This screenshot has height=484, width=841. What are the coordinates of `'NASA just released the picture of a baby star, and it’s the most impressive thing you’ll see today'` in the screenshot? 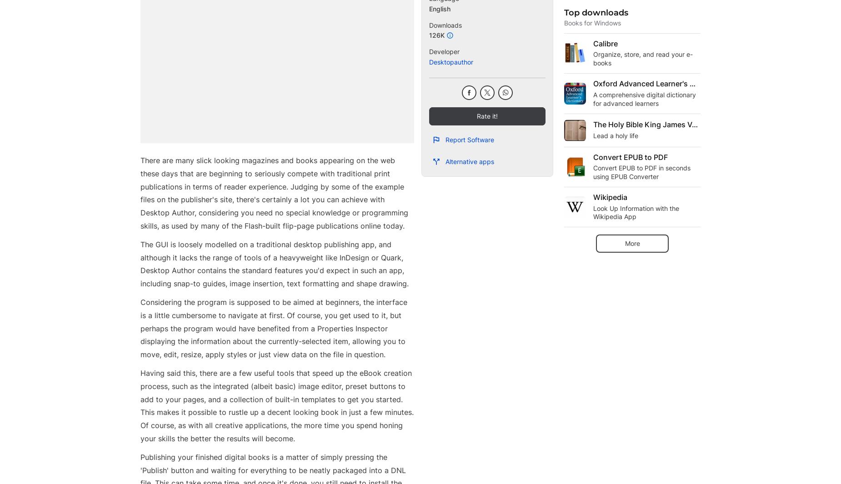 It's located at (415, 33).